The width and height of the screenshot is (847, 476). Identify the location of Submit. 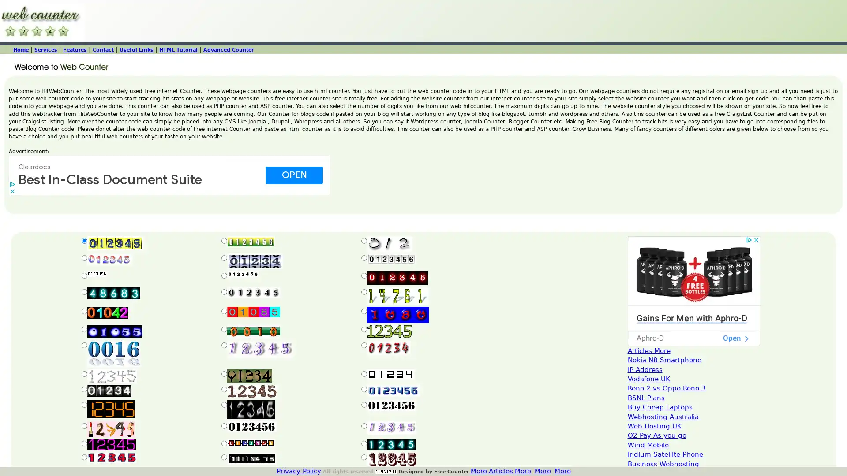
(390, 258).